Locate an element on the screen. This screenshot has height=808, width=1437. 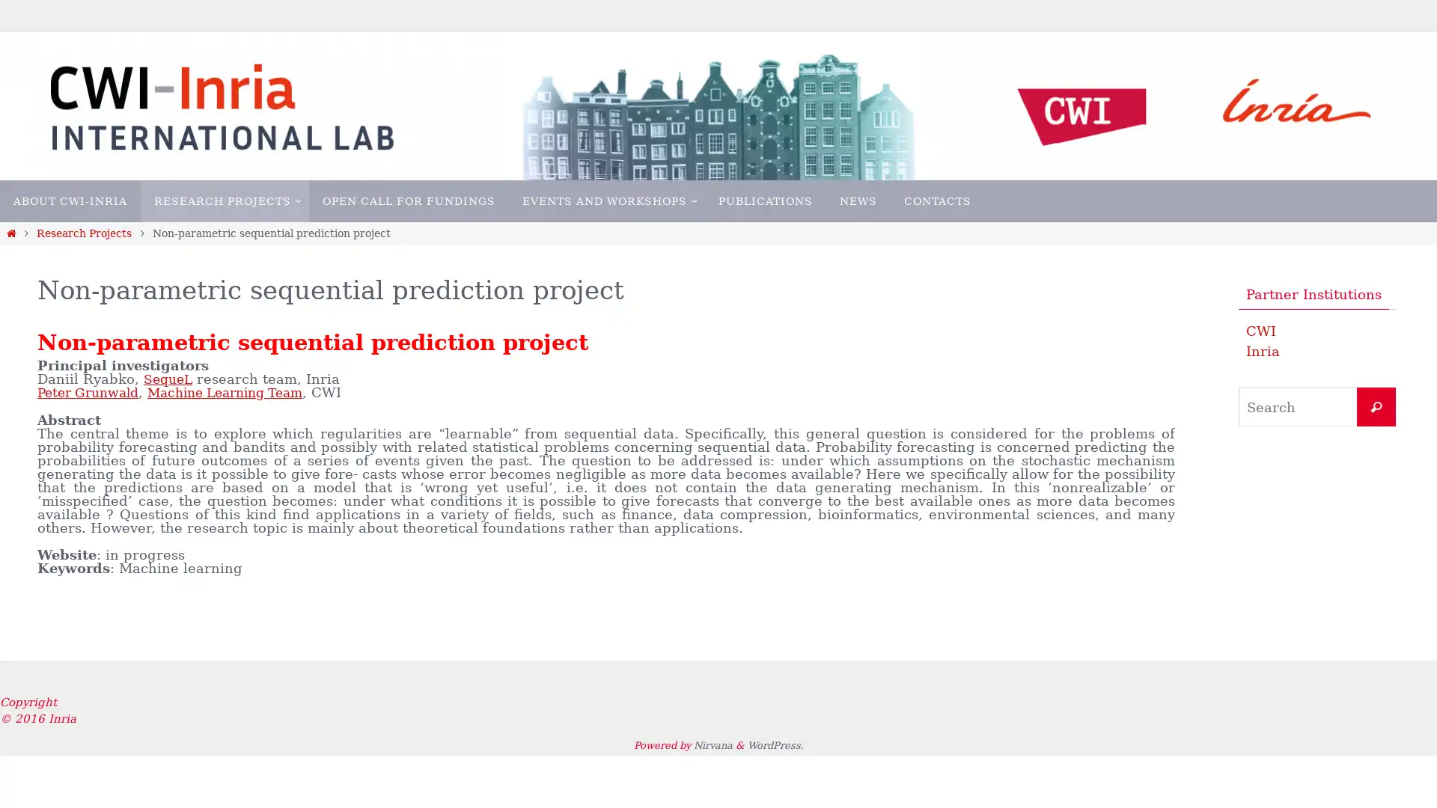
Search is located at coordinates (1376, 406).